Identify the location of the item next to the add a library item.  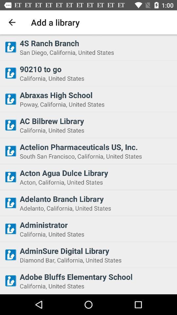
(12, 22).